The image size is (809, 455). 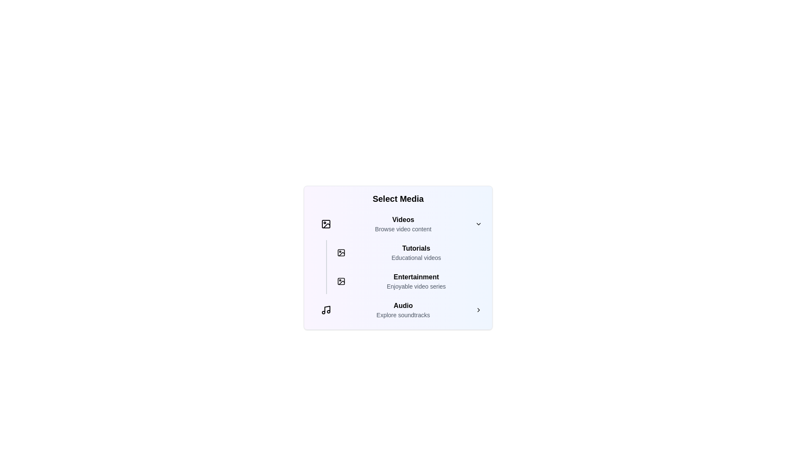 What do you see at coordinates (341, 252) in the screenshot?
I see `the 'Tutorials' icon located in the second option of the 'Select Media' menu, which is positioned adjacent` at bounding box center [341, 252].